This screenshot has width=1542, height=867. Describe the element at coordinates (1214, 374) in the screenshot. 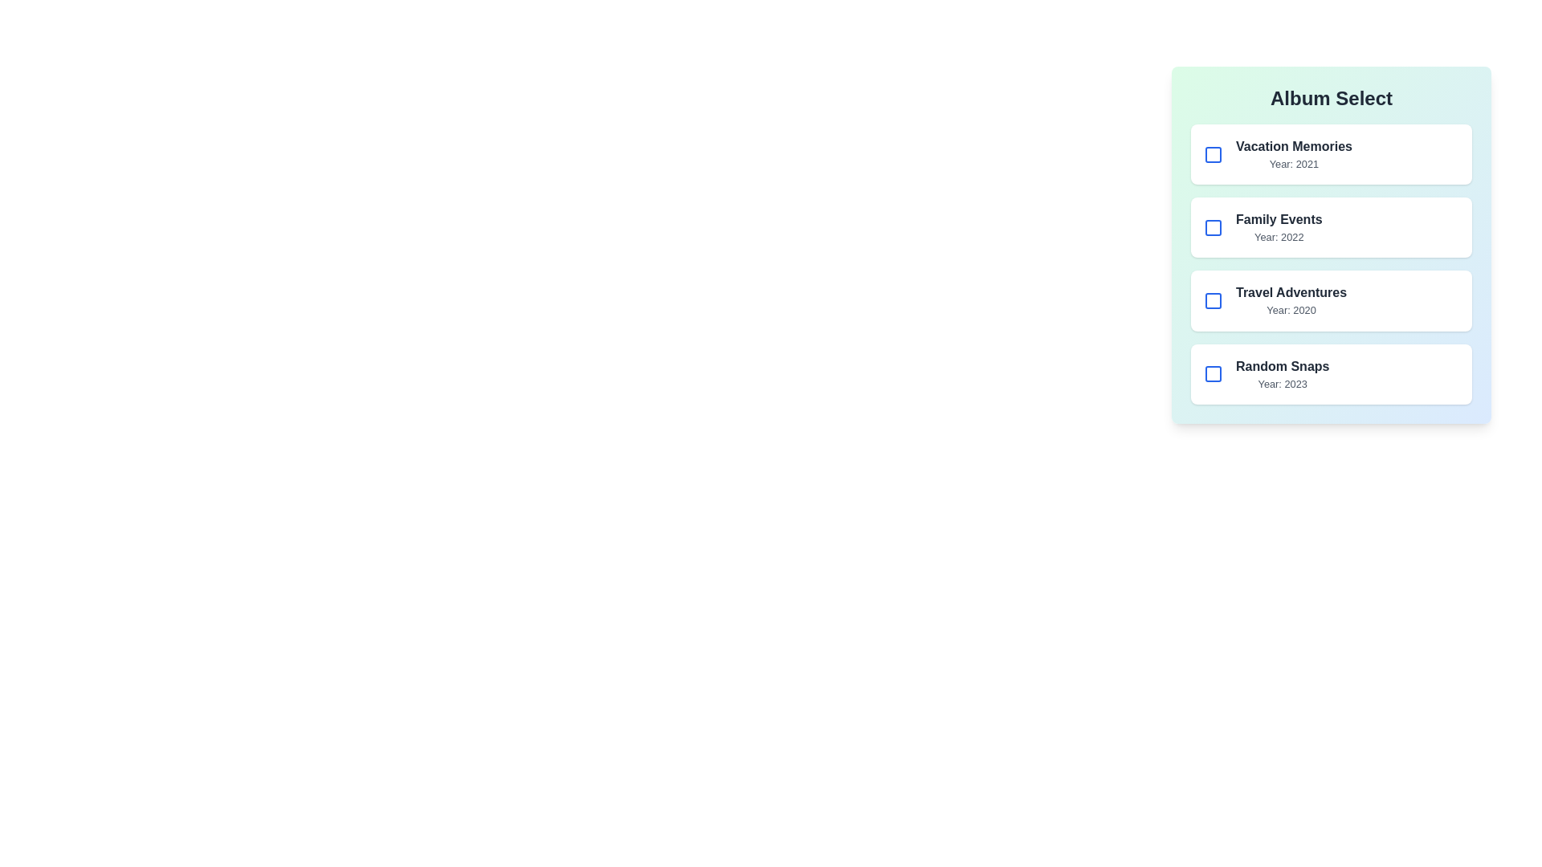

I see `the album Random Snaps` at that location.